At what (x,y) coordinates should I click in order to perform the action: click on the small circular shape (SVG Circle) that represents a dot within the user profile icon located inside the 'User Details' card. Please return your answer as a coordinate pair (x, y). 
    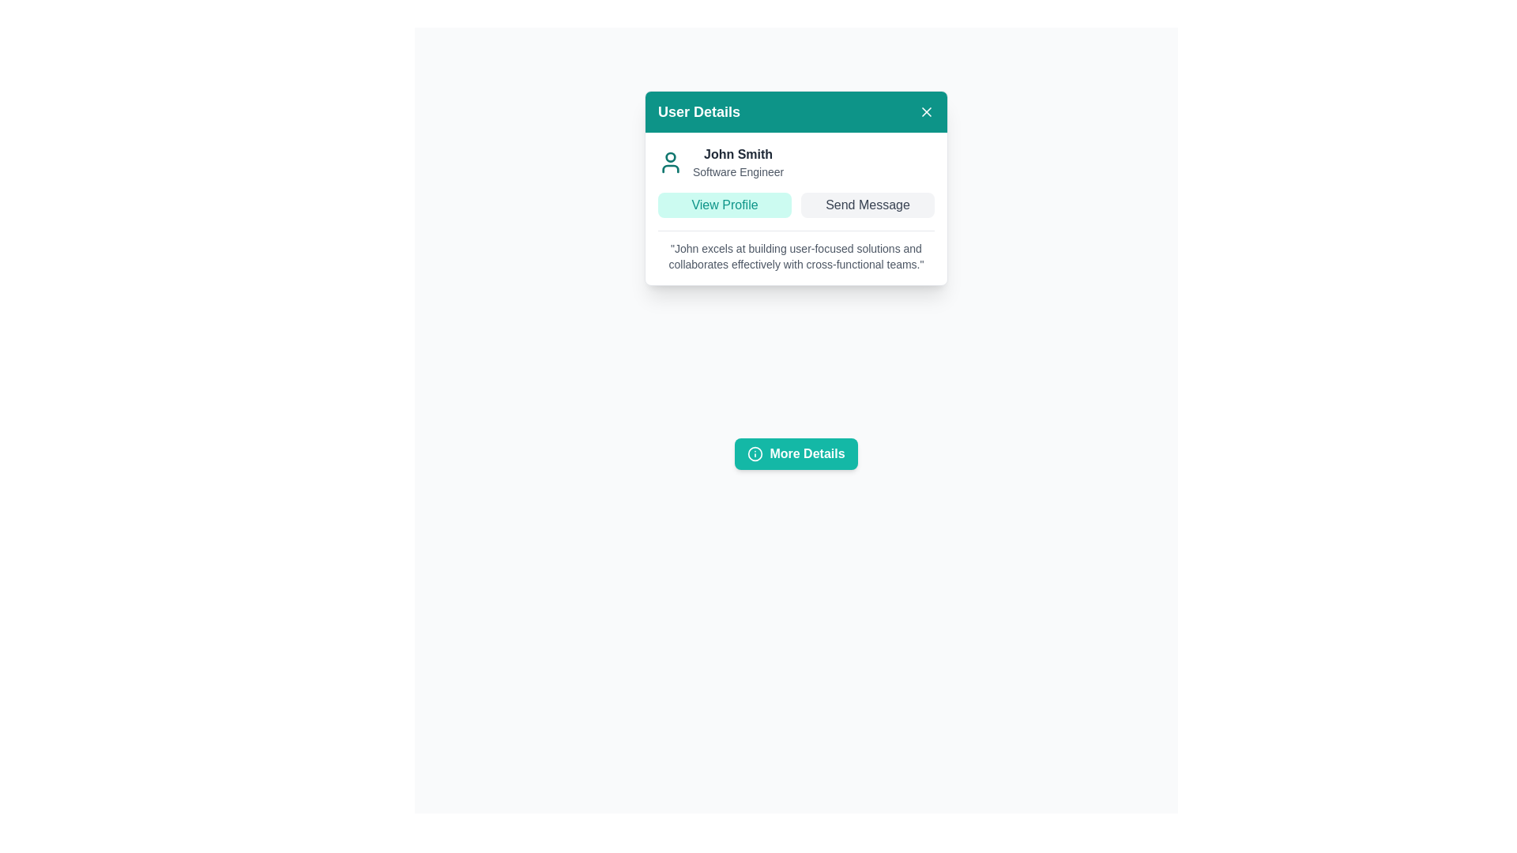
    Looking at the image, I should click on (671, 157).